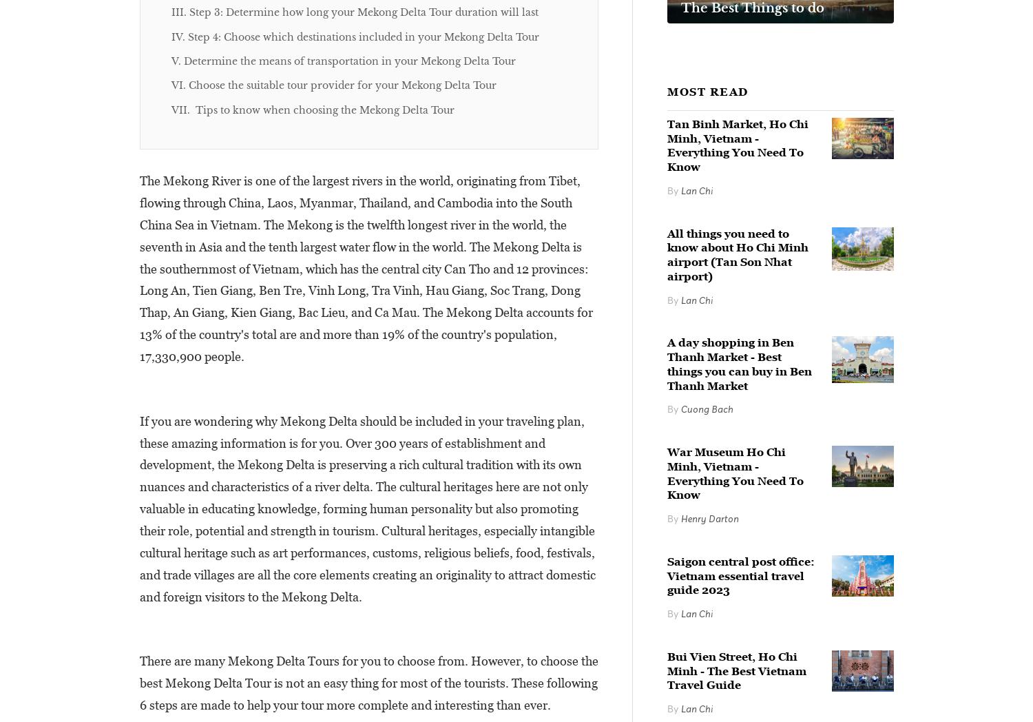 The height and width of the screenshot is (722, 1033). Describe the element at coordinates (578, 475) in the screenshot. I see `'Hai Phong, VIetnam'` at that location.